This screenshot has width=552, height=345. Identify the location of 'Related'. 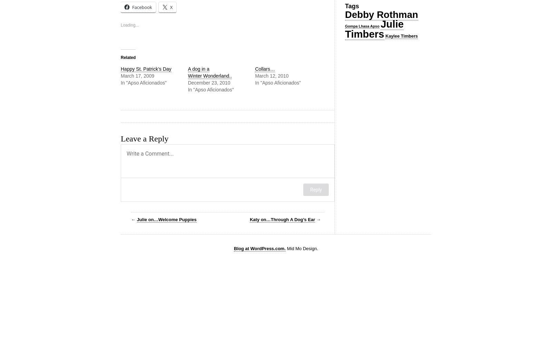
(121, 58).